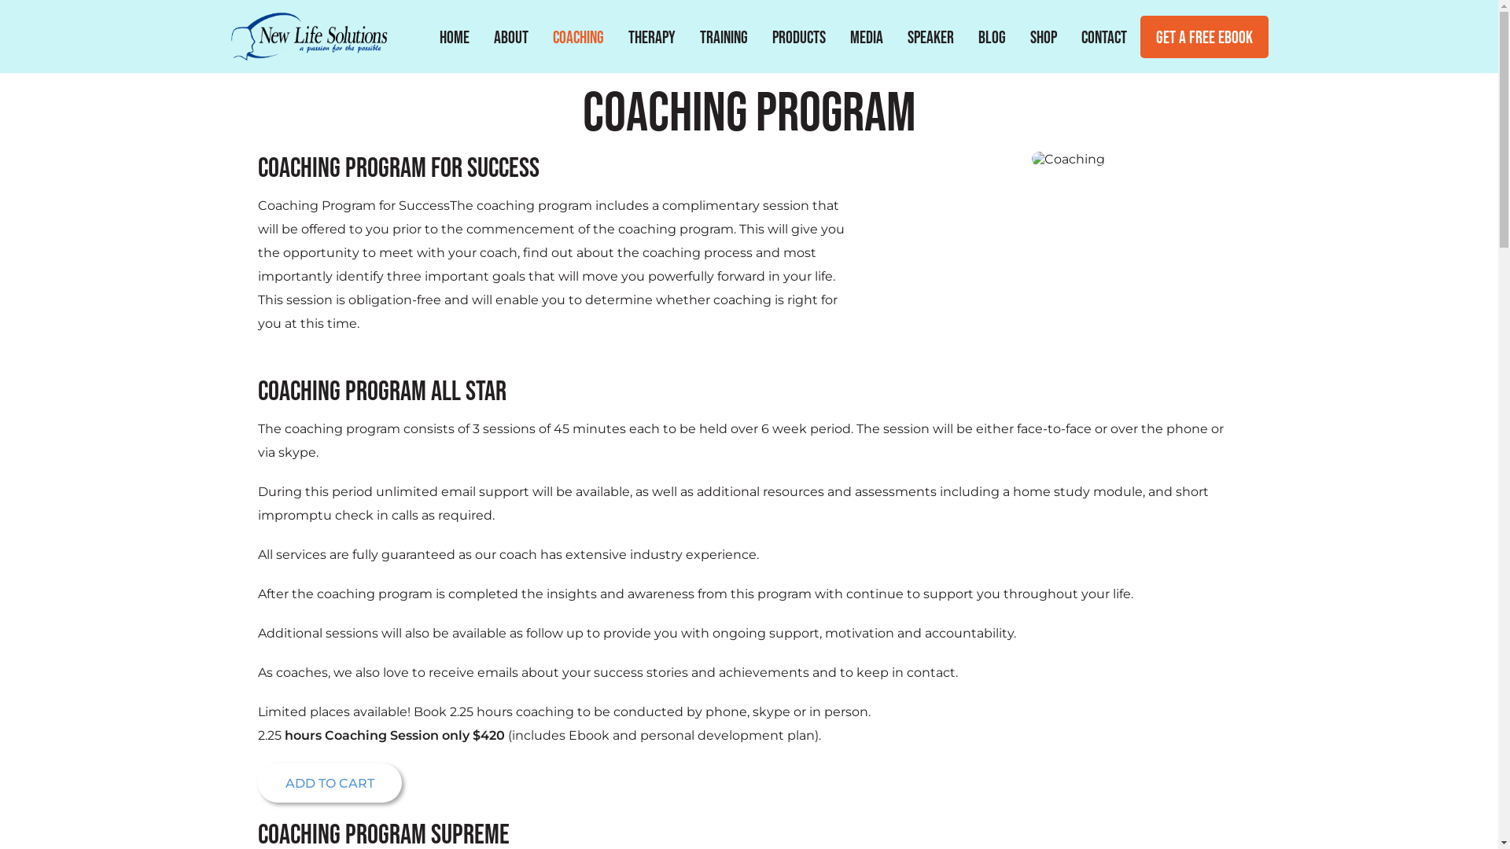  Describe the element at coordinates (1075, 35) in the screenshot. I see `'CONTACT'` at that location.